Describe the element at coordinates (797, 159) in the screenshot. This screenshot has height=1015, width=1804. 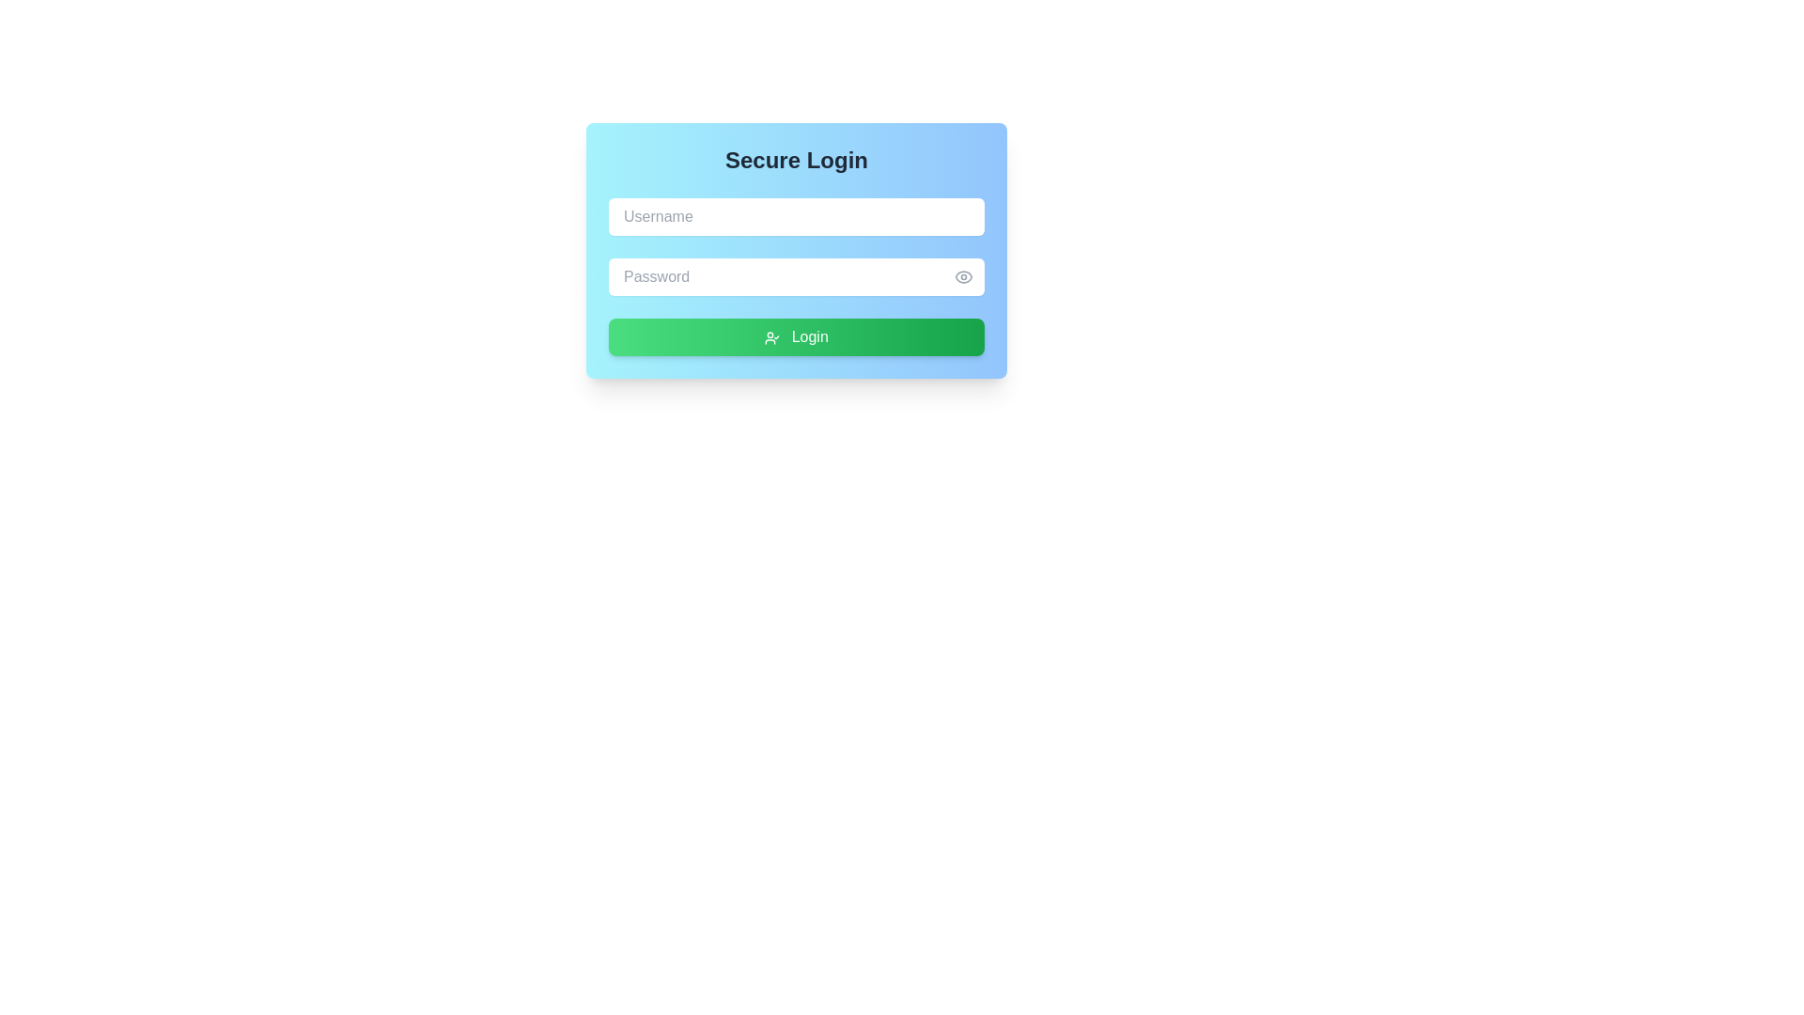
I see `the text label or heading at the top-center of the login interface, which indicates the purpose of the form below it` at that location.